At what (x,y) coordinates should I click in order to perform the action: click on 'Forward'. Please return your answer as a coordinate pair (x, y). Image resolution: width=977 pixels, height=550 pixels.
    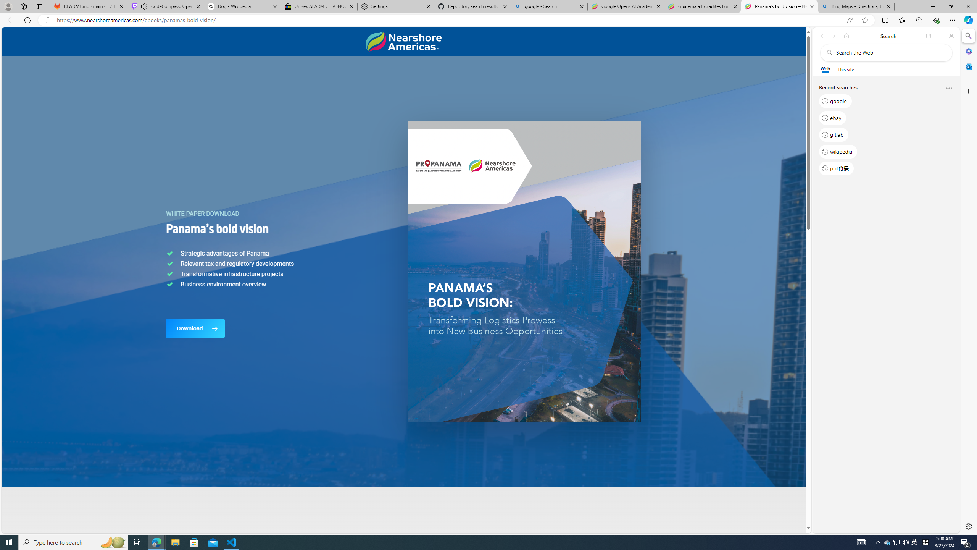
    Looking at the image, I should click on (834, 36).